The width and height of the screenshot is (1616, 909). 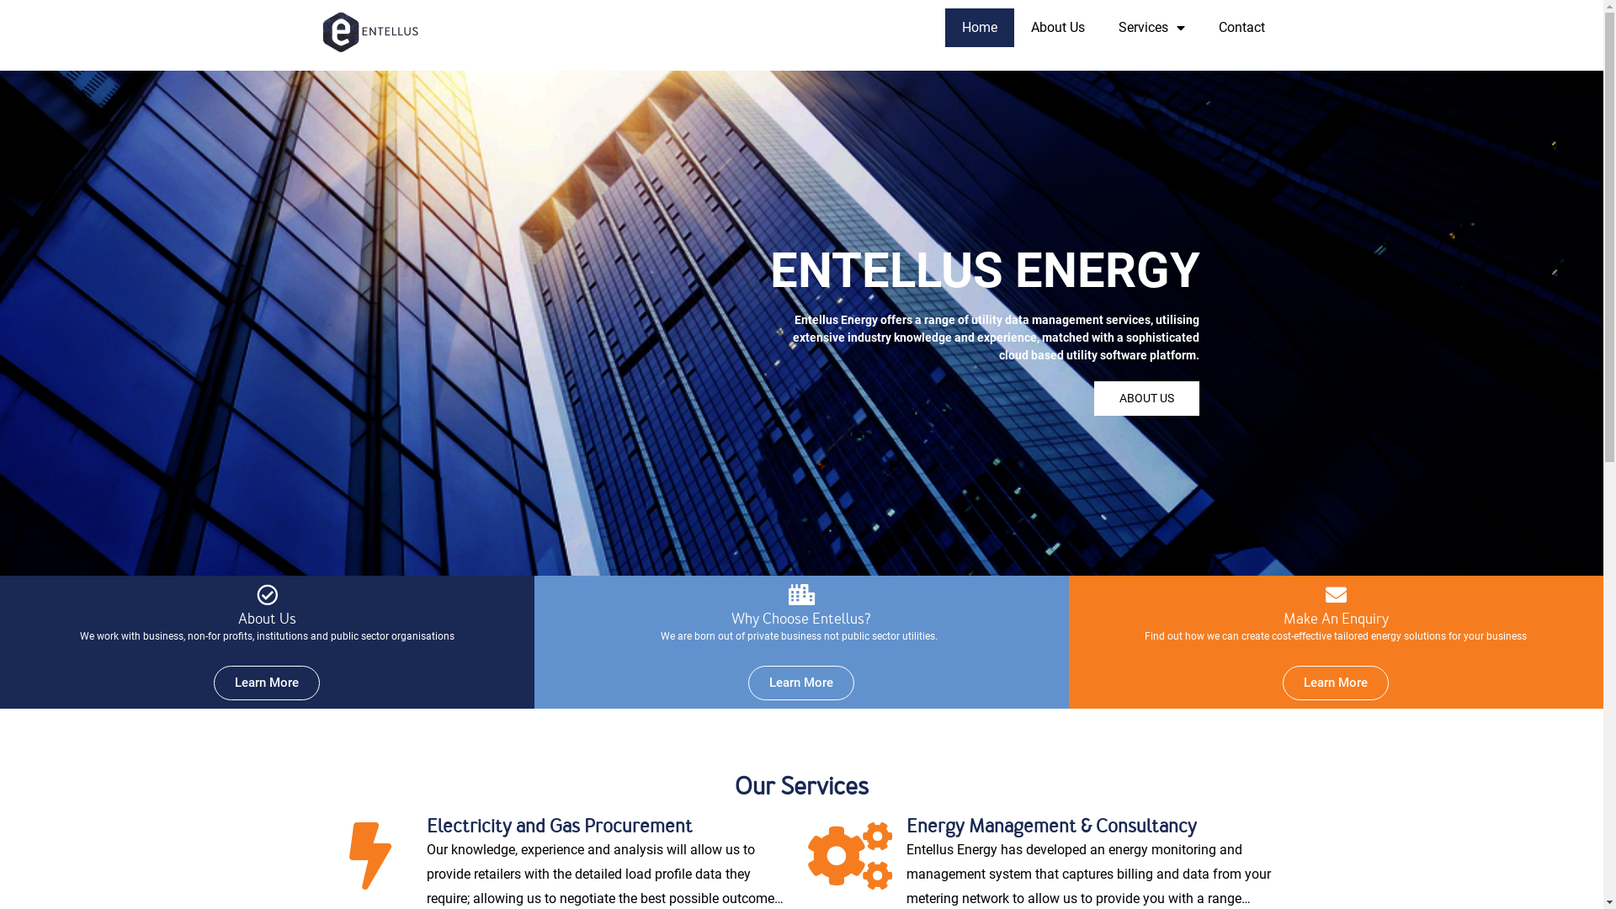 I want to click on 'Home', so click(x=978, y=28).